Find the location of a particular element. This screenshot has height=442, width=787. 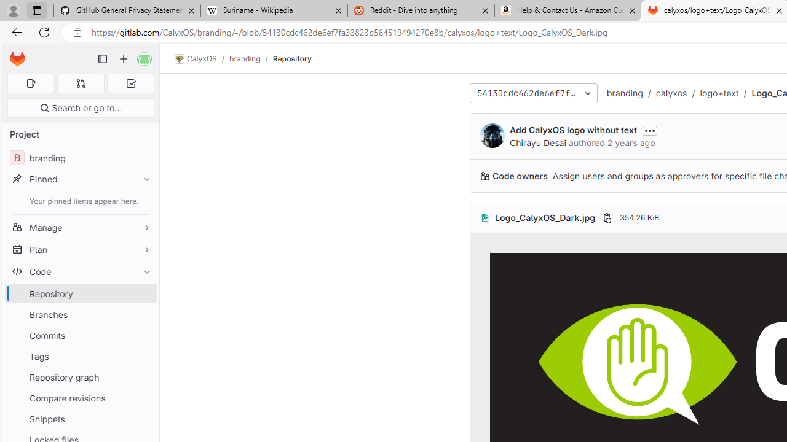

'CalyxOS' is located at coordinates (195, 59).